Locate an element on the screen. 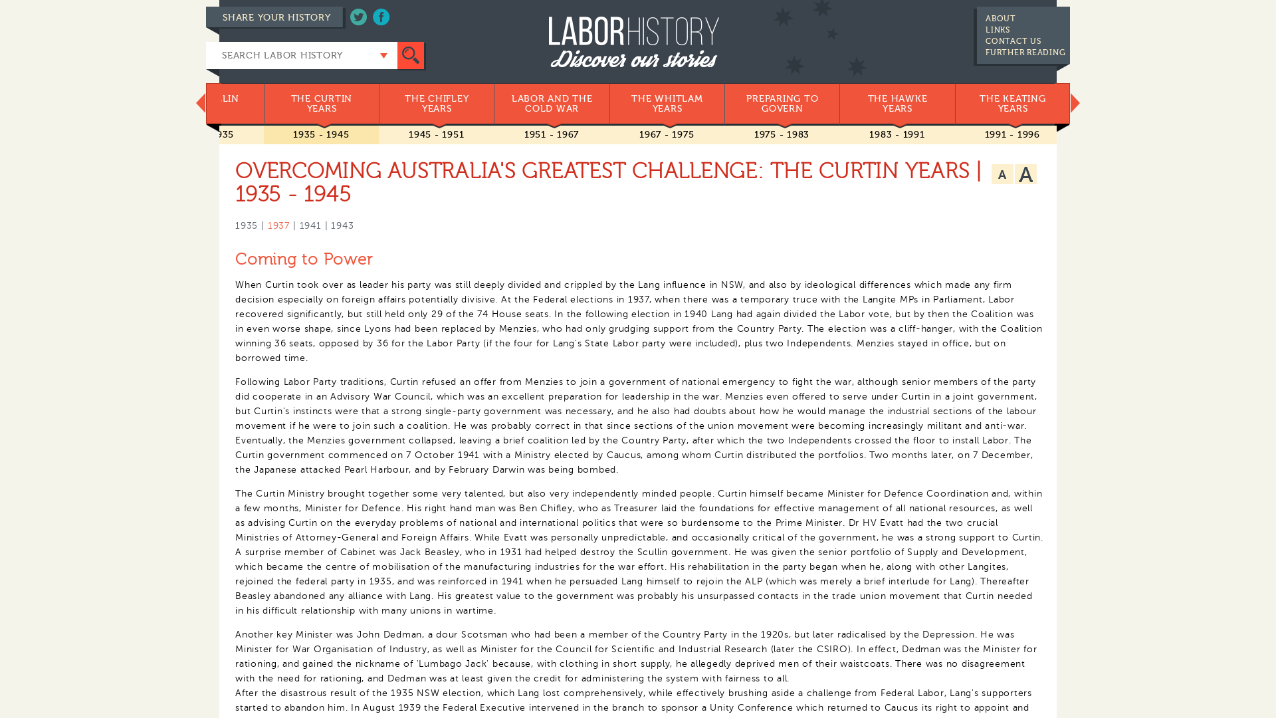 This screenshot has height=718, width=1276. 'THE WHITLAM YEARS' is located at coordinates (667, 104).